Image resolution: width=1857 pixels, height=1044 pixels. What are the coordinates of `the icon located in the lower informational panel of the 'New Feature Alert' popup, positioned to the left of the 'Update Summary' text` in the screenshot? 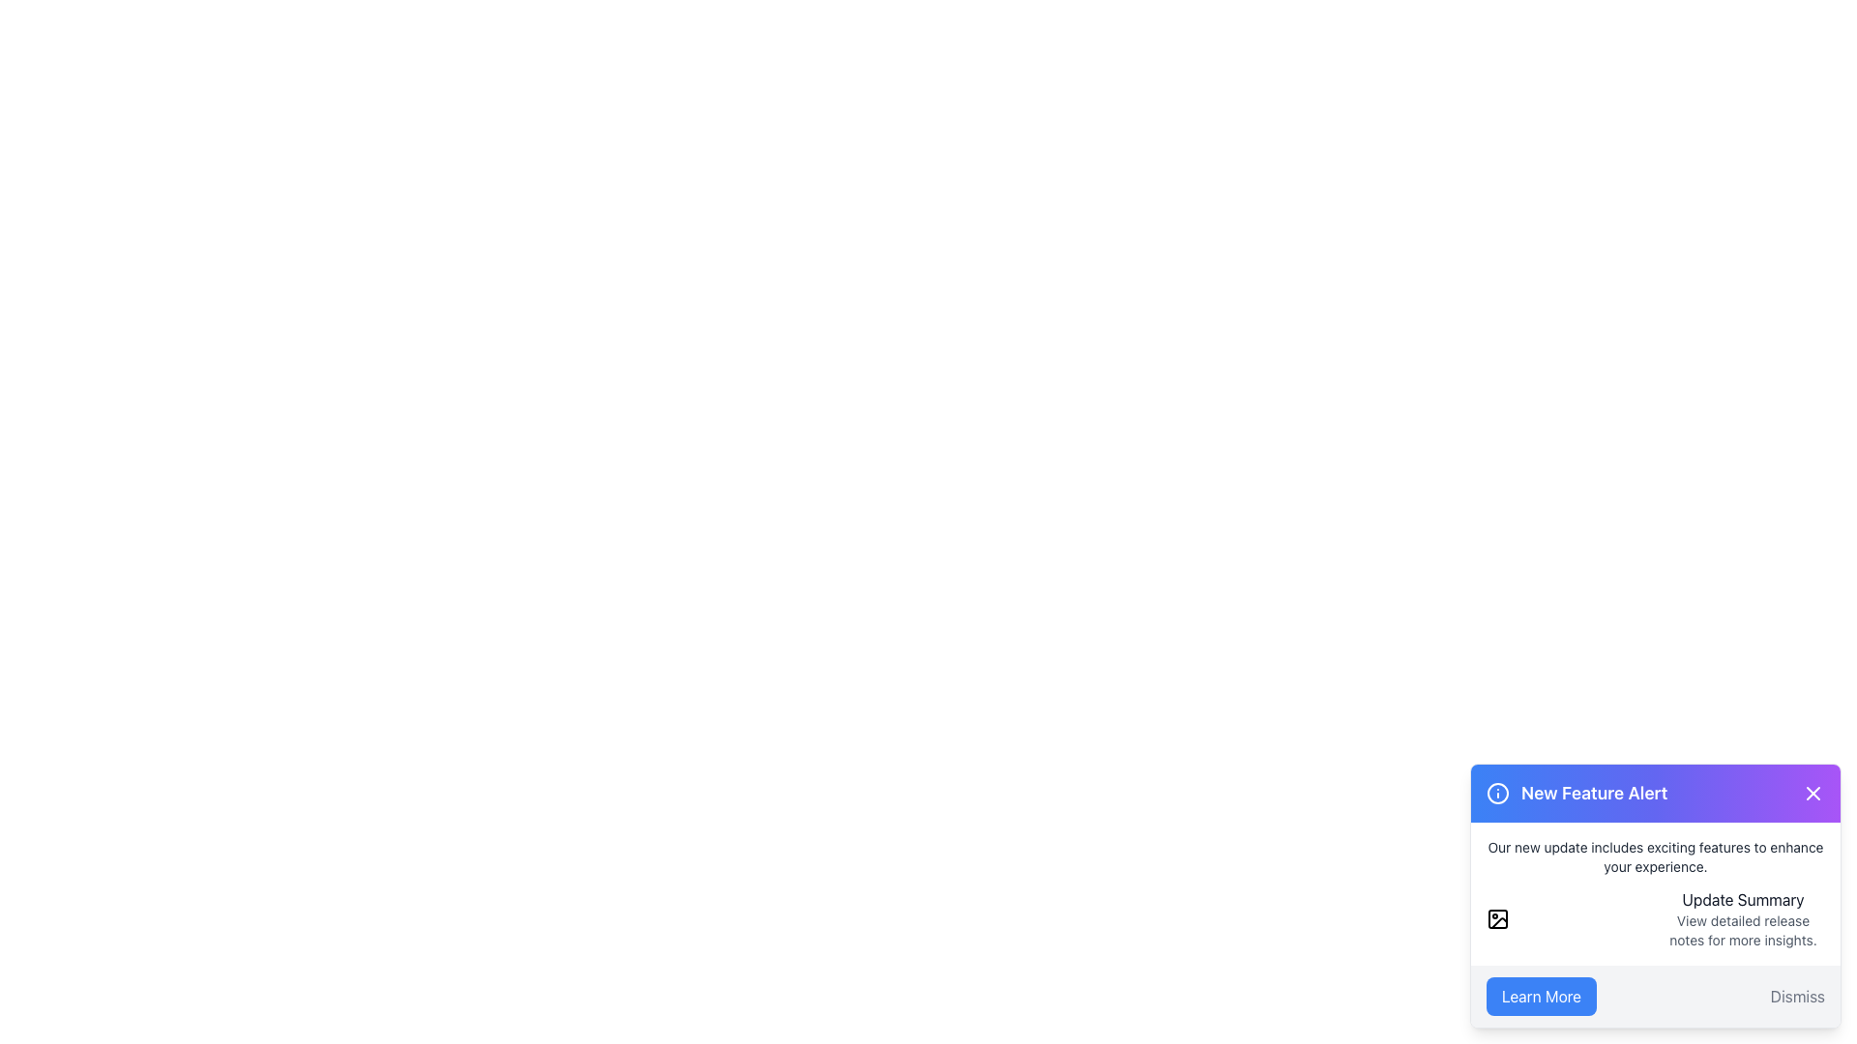 It's located at (1497, 918).